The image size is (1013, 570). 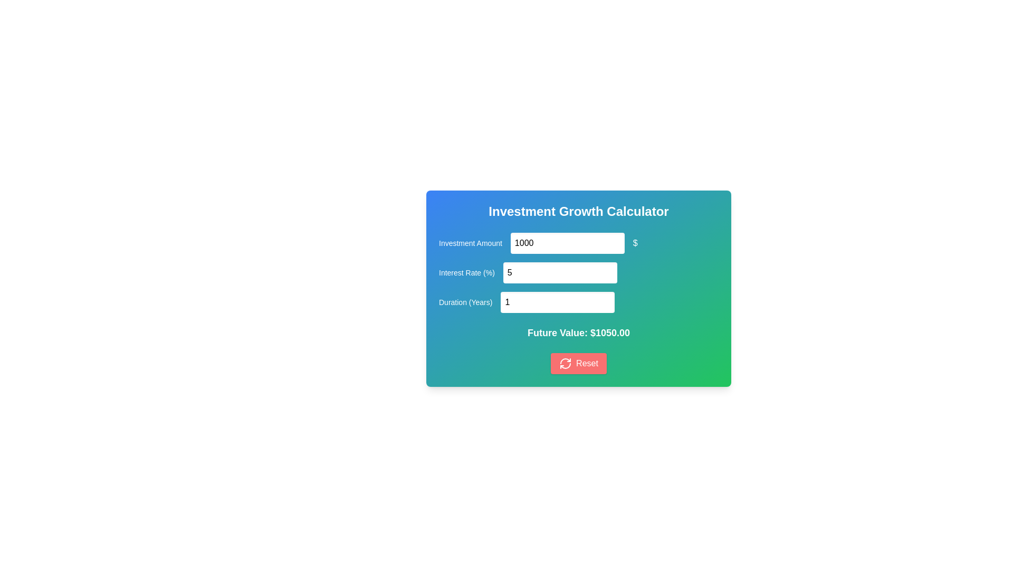 I want to click on the numerical input field displaying the value 1000 in the 'Investment Amount' element to focus on it, so click(x=578, y=243).